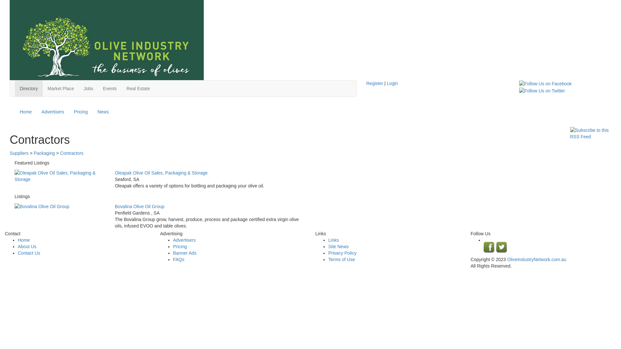 The image size is (621, 349). Describe the element at coordinates (80, 111) in the screenshot. I see `'Pricing'` at that location.